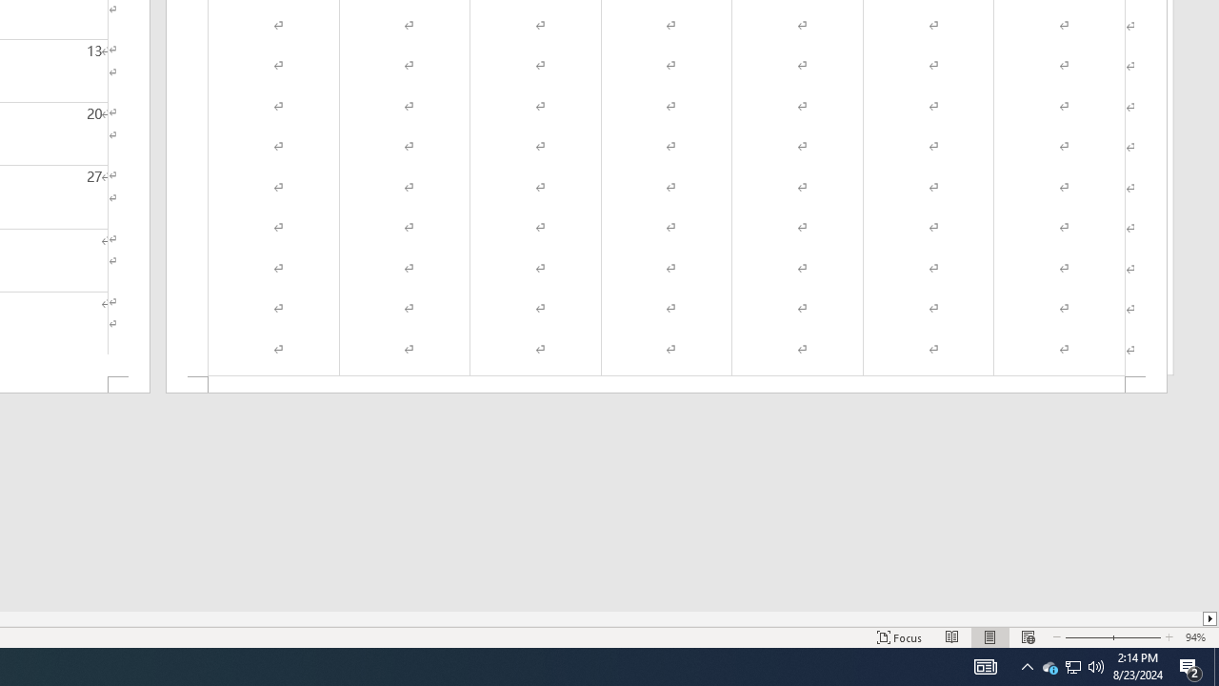 This screenshot has height=686, width=1219. Describe the element at coordinates (952, 637) in the screenshot. I see `'Read Mode'` at that location.